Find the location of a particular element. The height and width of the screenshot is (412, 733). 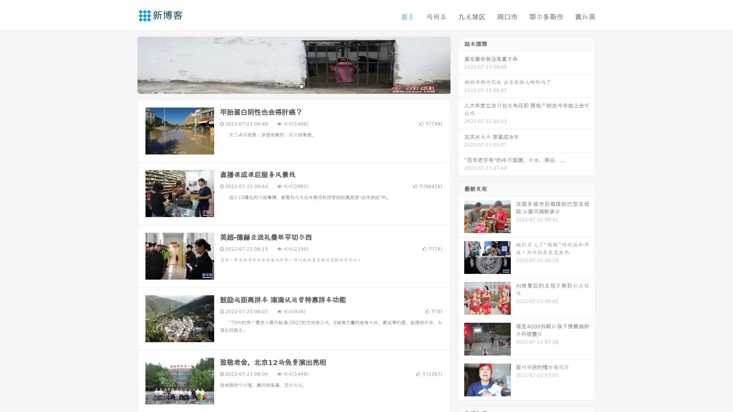

Go to slide 2 is located at coordinates (293, 86).